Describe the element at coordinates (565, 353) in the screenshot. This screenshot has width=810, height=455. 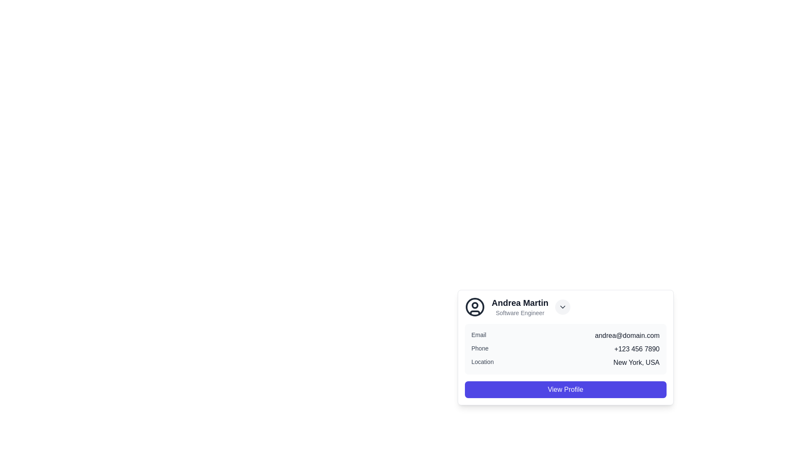
I see `the user information card that contains contact details and the 'View Profile' button, located in the bottom-right quadrant of the display` at that location.